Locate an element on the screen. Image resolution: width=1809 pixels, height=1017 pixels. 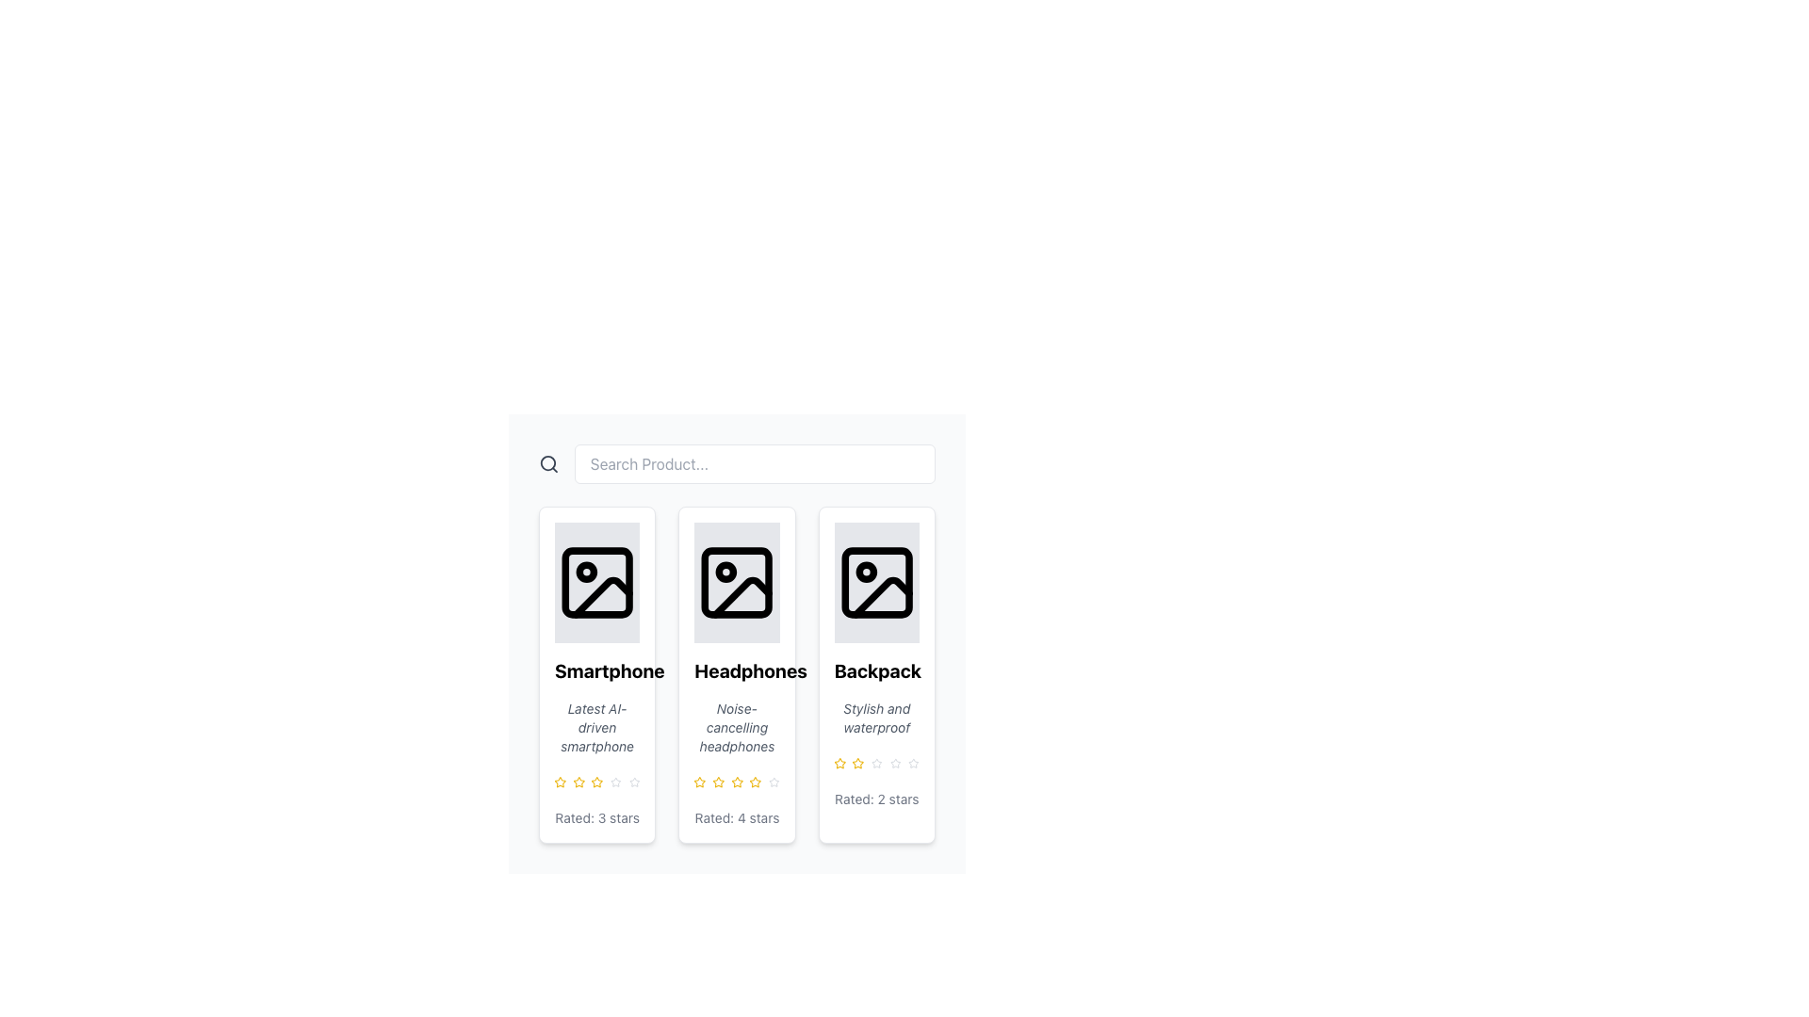
the third golden star in the rating system below the 'Smartphone' product card is located at coordinates (595, 781).